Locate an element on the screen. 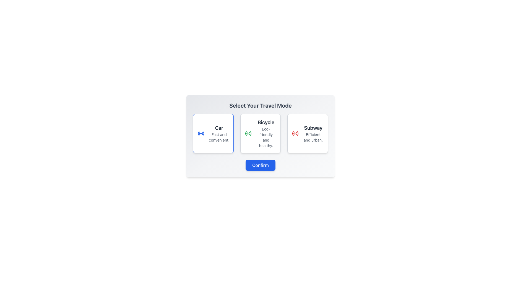 This screenshot has width=531, height=298. the header text stating 'Select Your Travel Mode', which is styled with a bold, large font and centered alignment is located at coordinates (260, 105).